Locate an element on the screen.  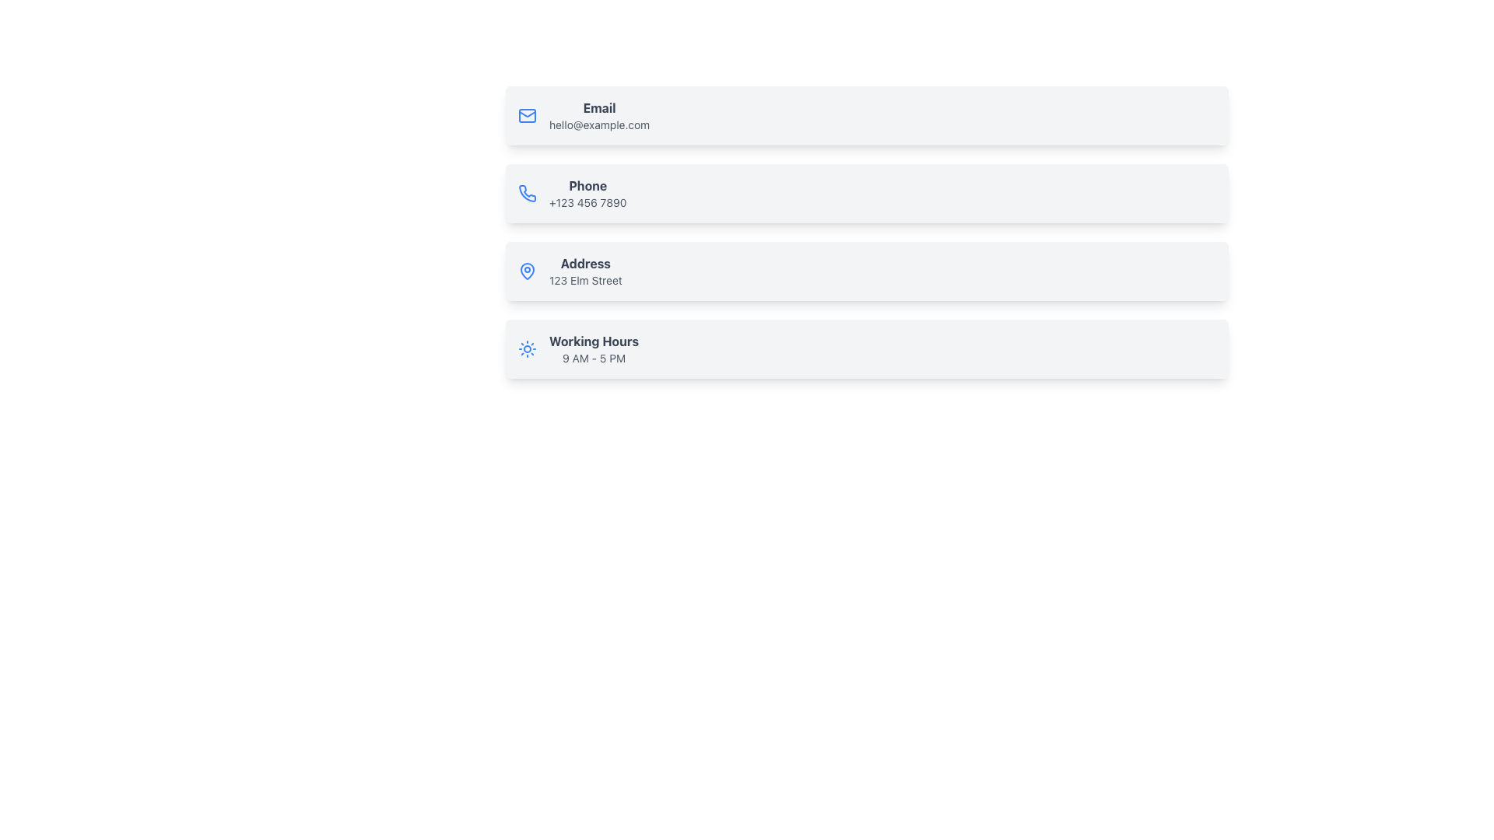
the non-interactive text label that identifies the phone contact method, located at the upper left of the contact information item is located at coordinates (587, 185).